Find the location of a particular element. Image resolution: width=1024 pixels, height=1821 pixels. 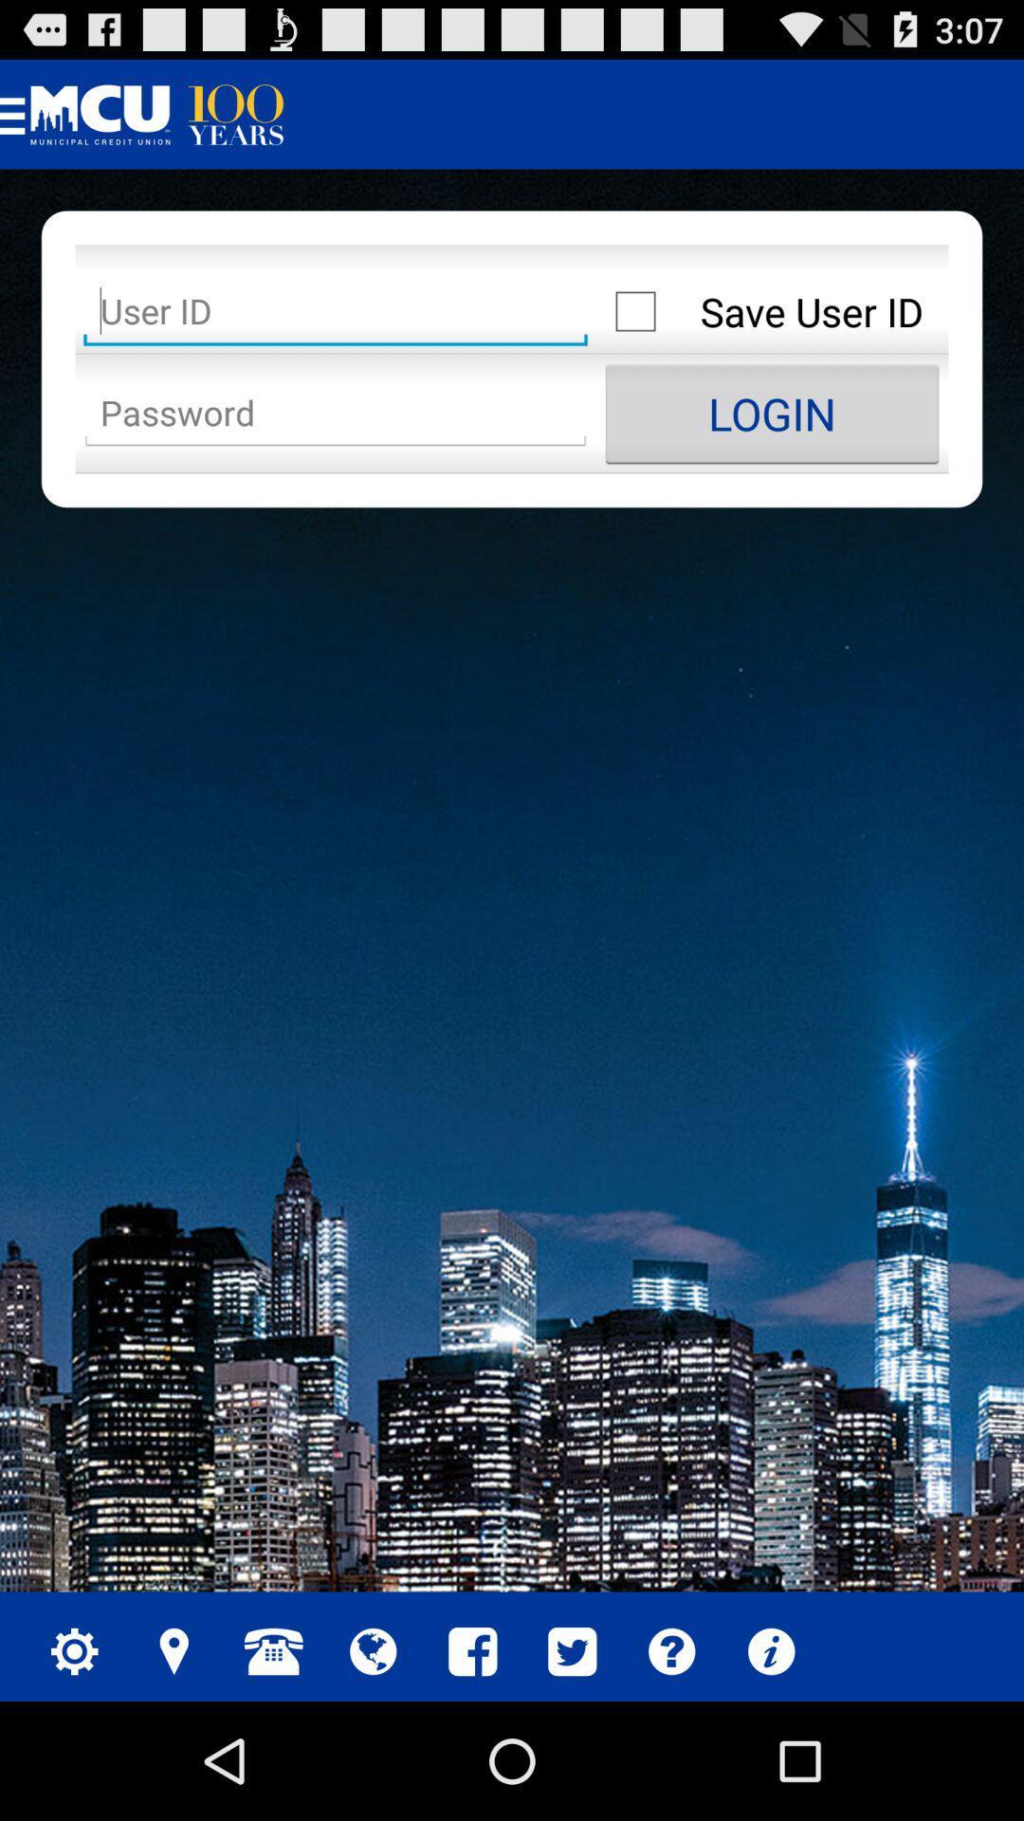

password field is located at coordinates (335, 413).